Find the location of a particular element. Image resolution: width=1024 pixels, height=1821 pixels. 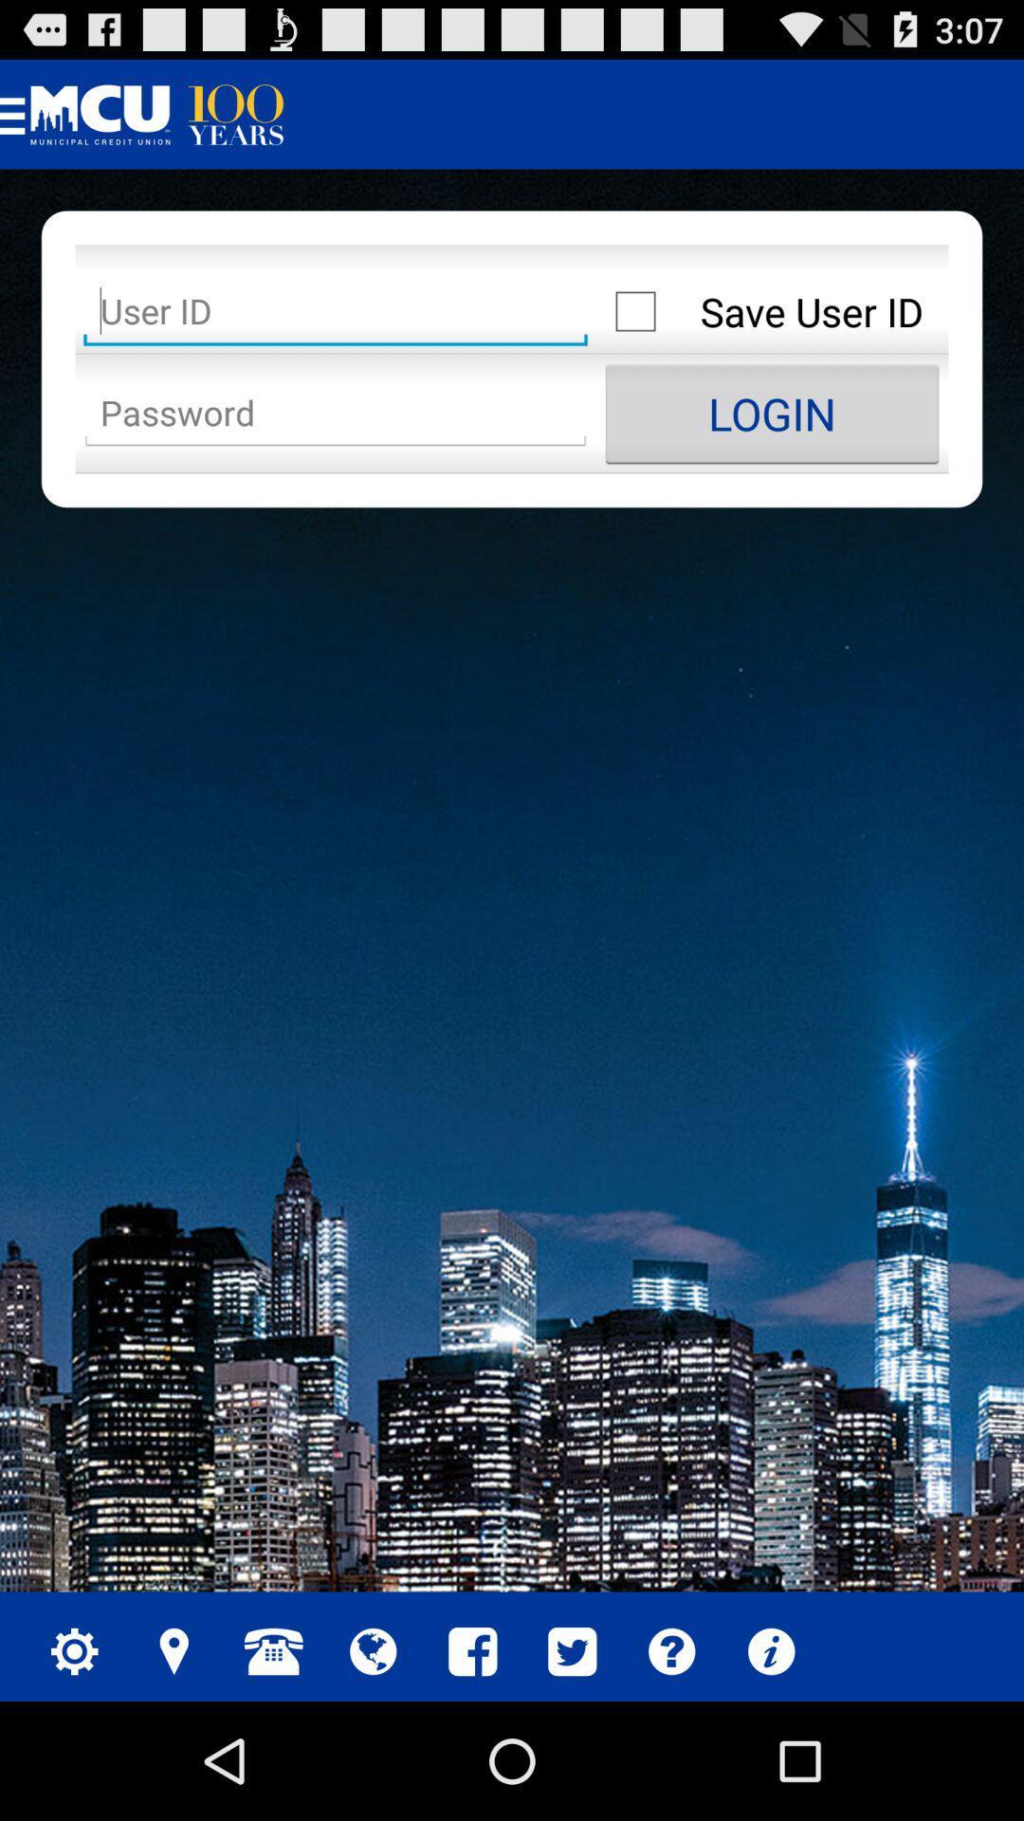

password field is located at coordinates (335, 413).